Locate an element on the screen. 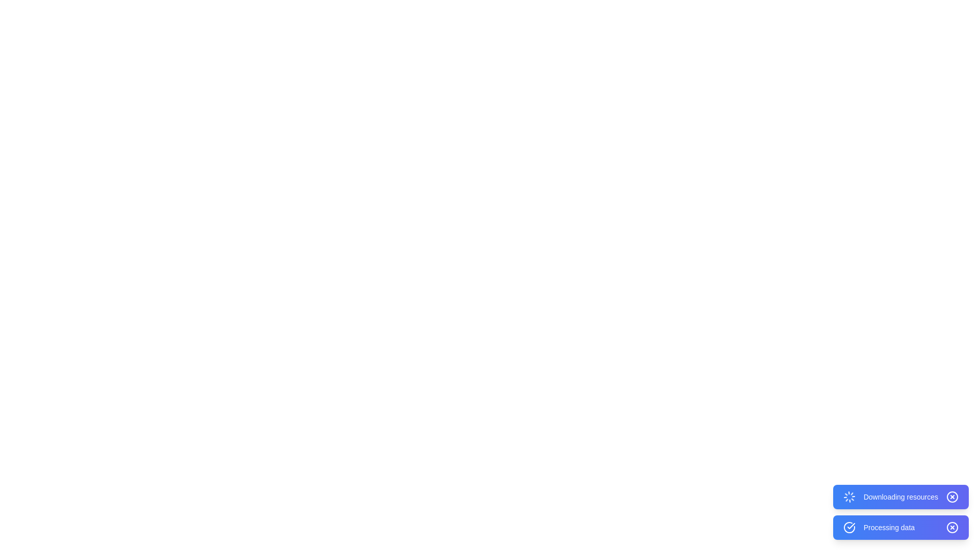 This screenshot has height=550, width=979. the close button of the notification to close it is located at coordinates (951, 496).